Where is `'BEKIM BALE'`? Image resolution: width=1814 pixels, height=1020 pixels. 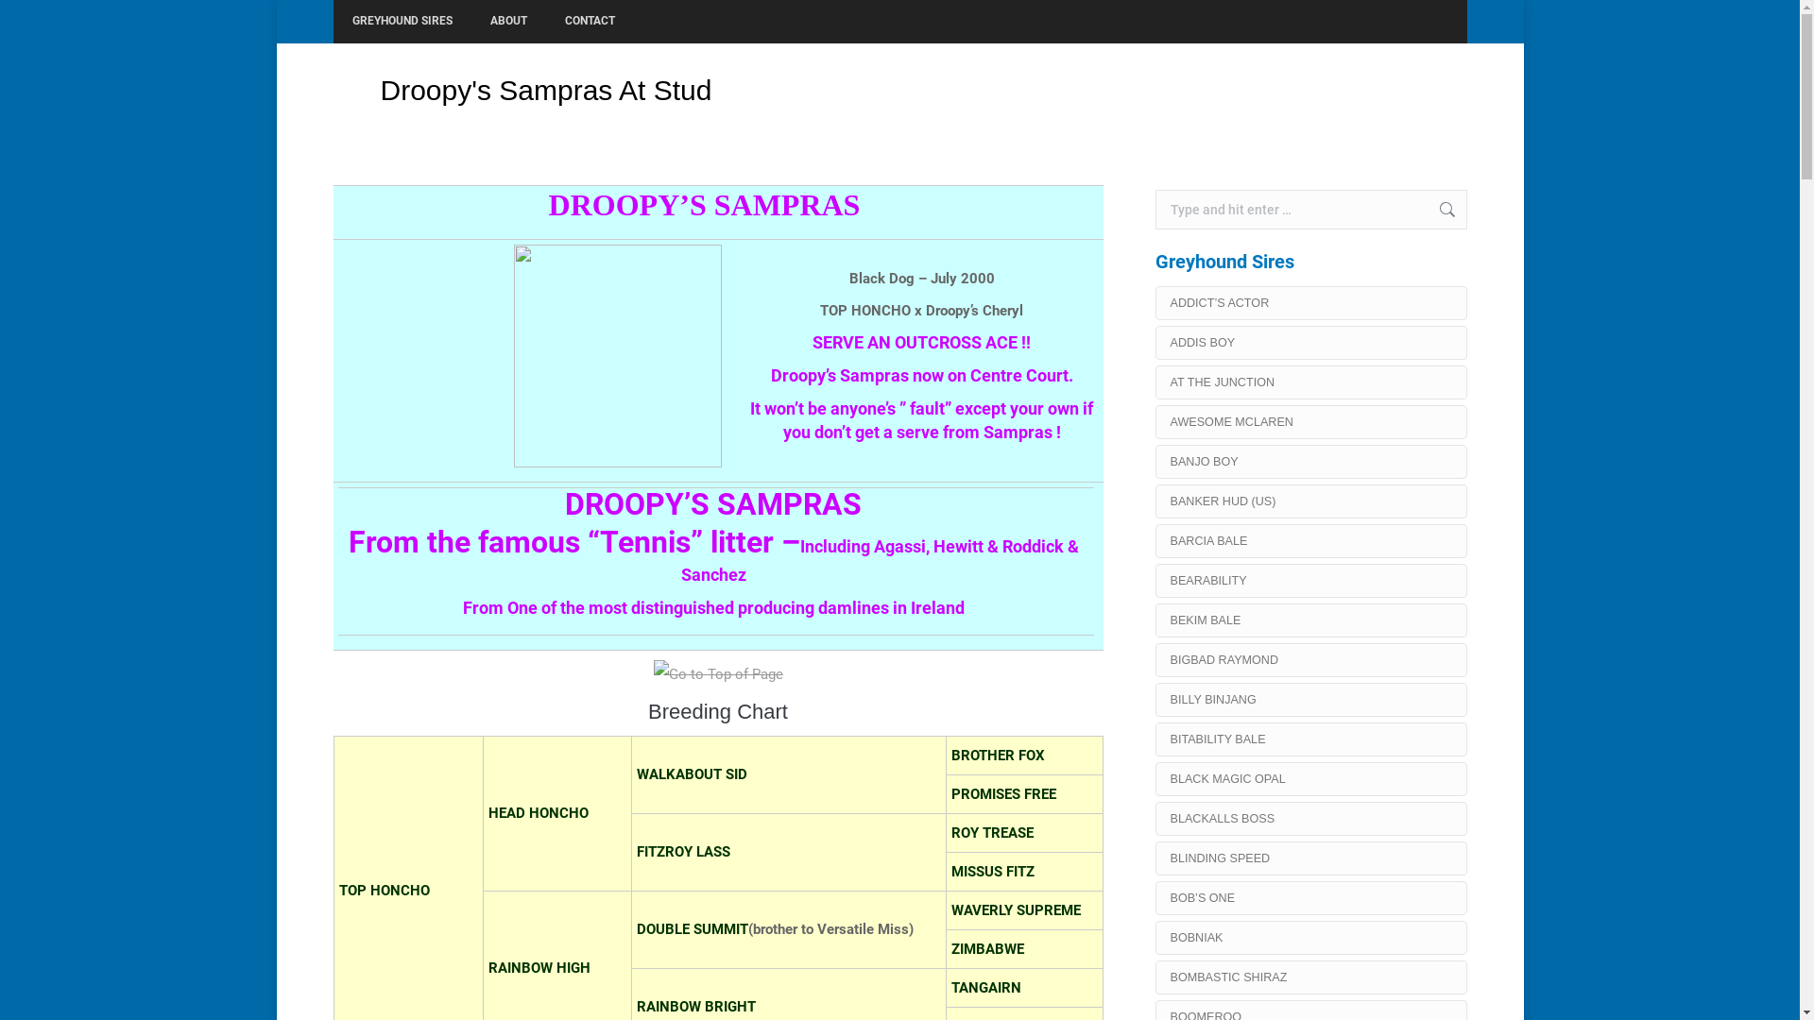 'BEKIM BALE' is located at coordinates (1309, 620).